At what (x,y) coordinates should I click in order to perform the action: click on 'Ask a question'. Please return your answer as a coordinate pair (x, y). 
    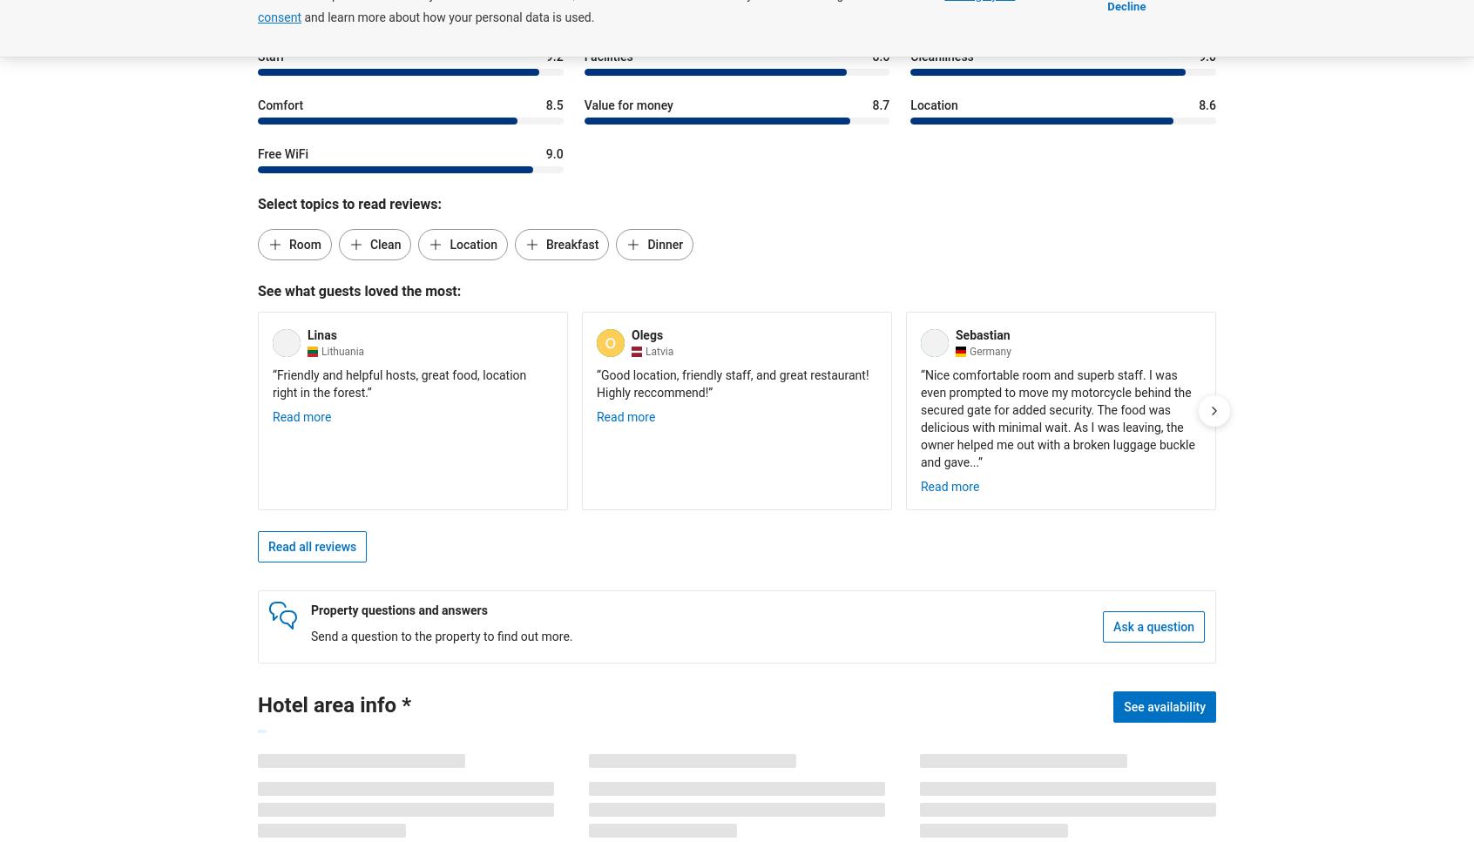
    Looking at the image, I should click on (1112, 626).